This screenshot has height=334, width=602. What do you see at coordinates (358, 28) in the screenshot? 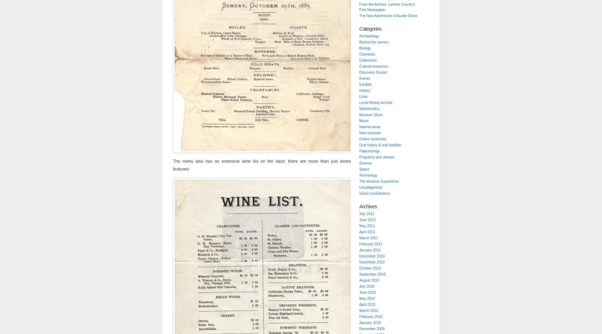
I see `'Categories'` at bounding box center [358, 28].